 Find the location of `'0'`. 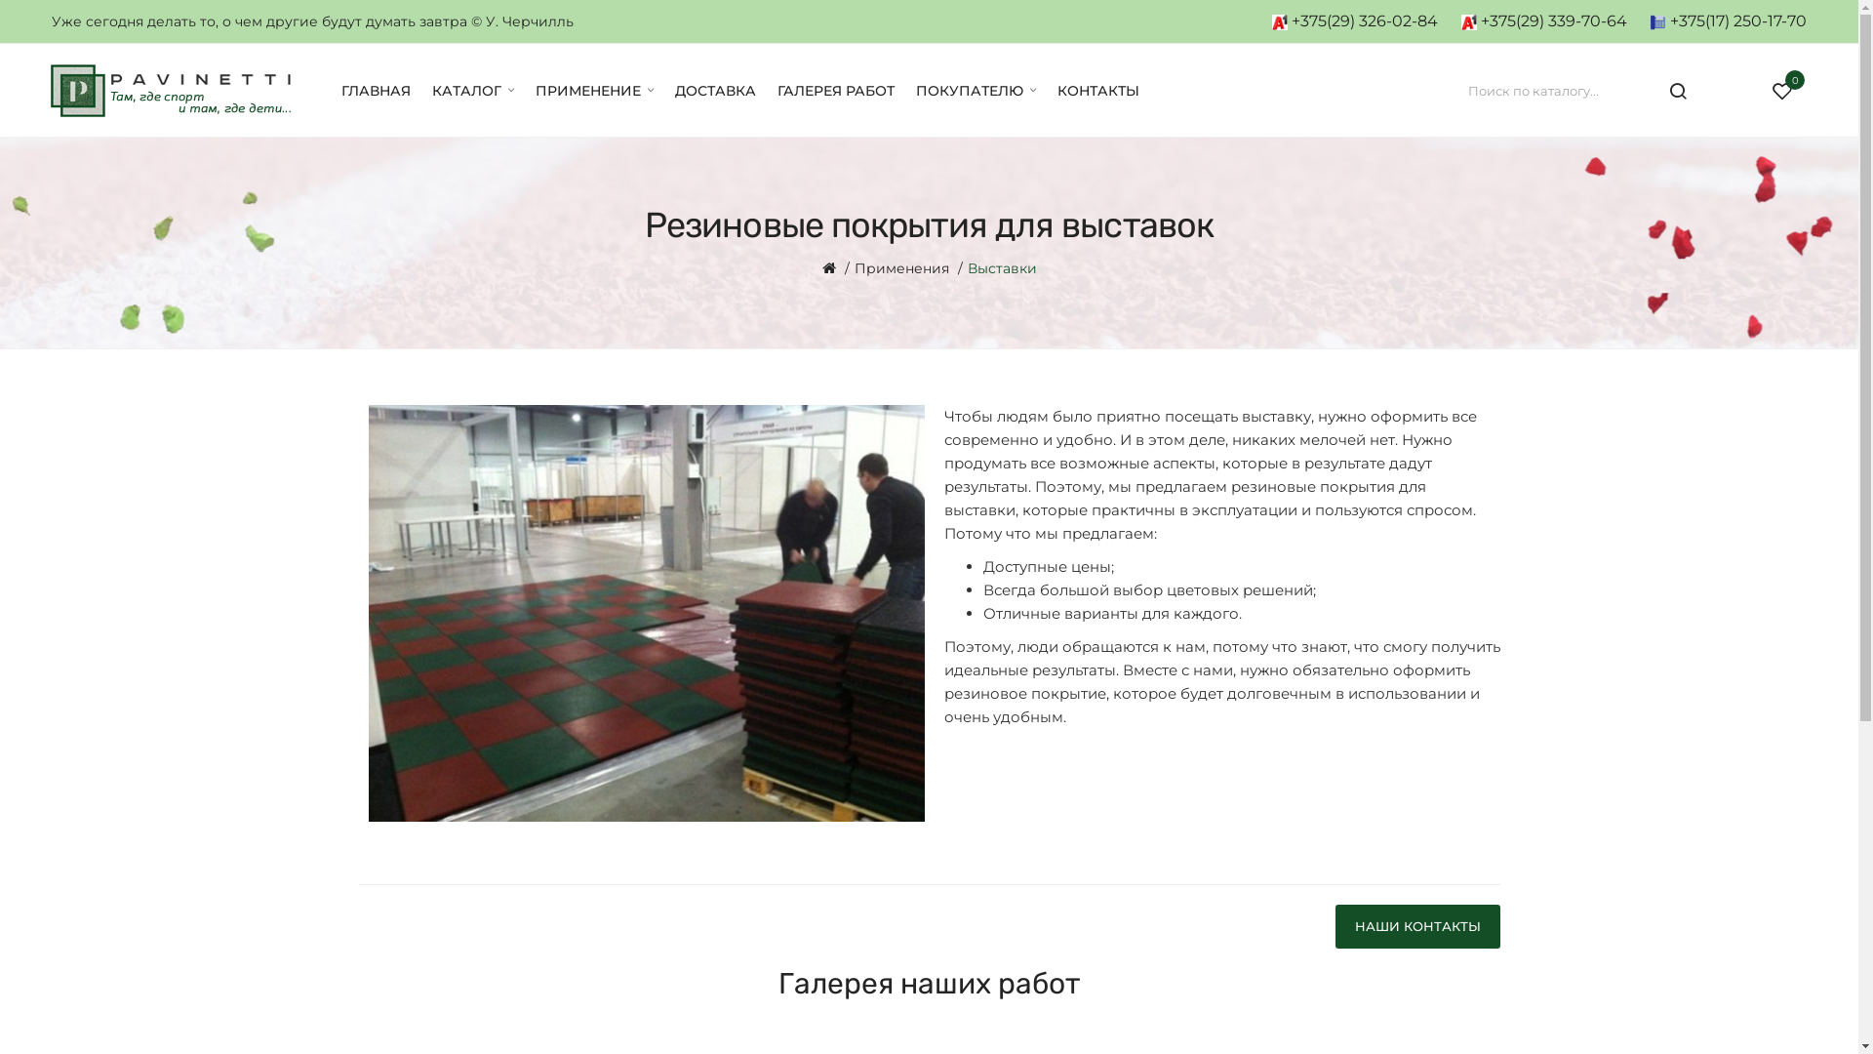

'0' is located at coordinates (1782, 90).